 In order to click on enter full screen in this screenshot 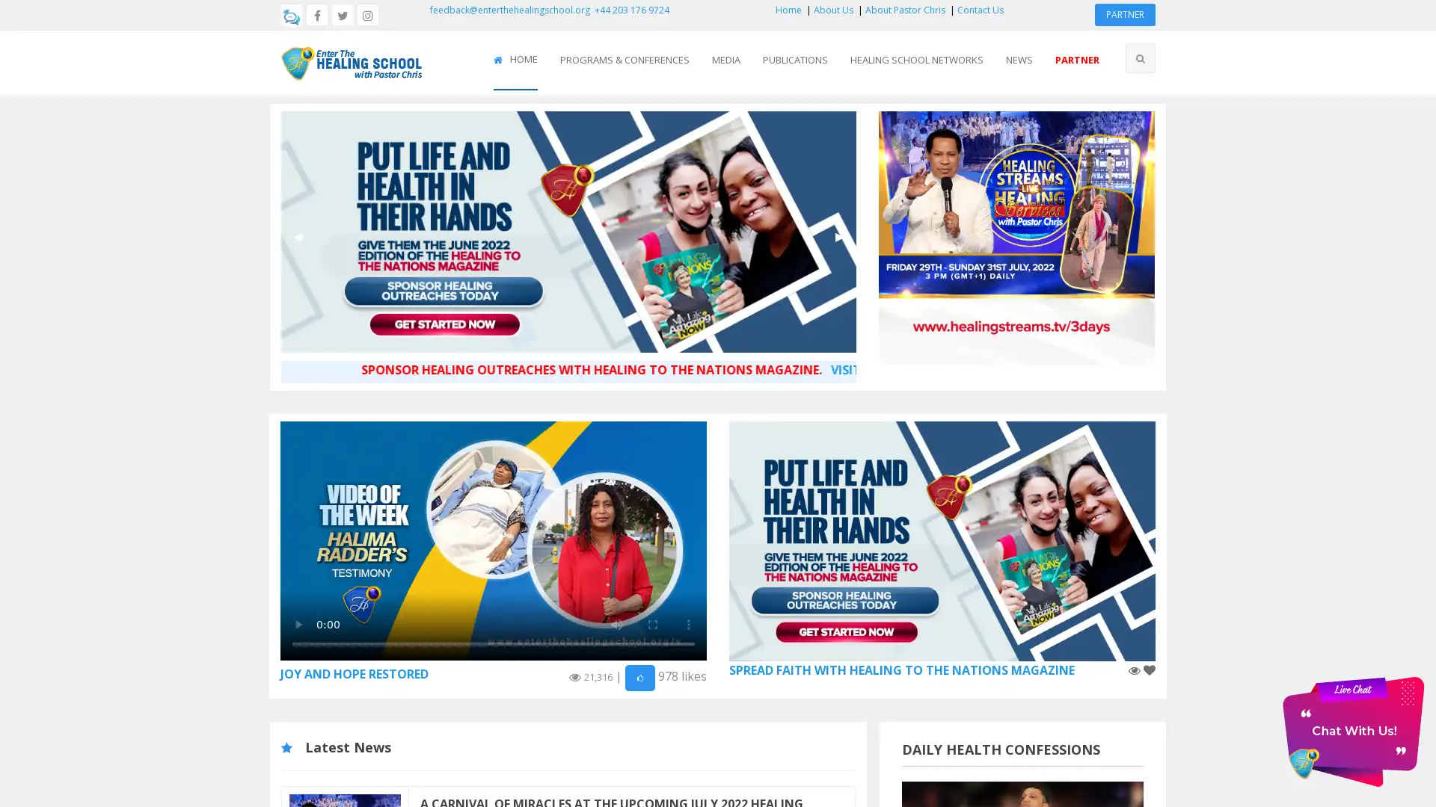, I will do `click(653, 625)`.